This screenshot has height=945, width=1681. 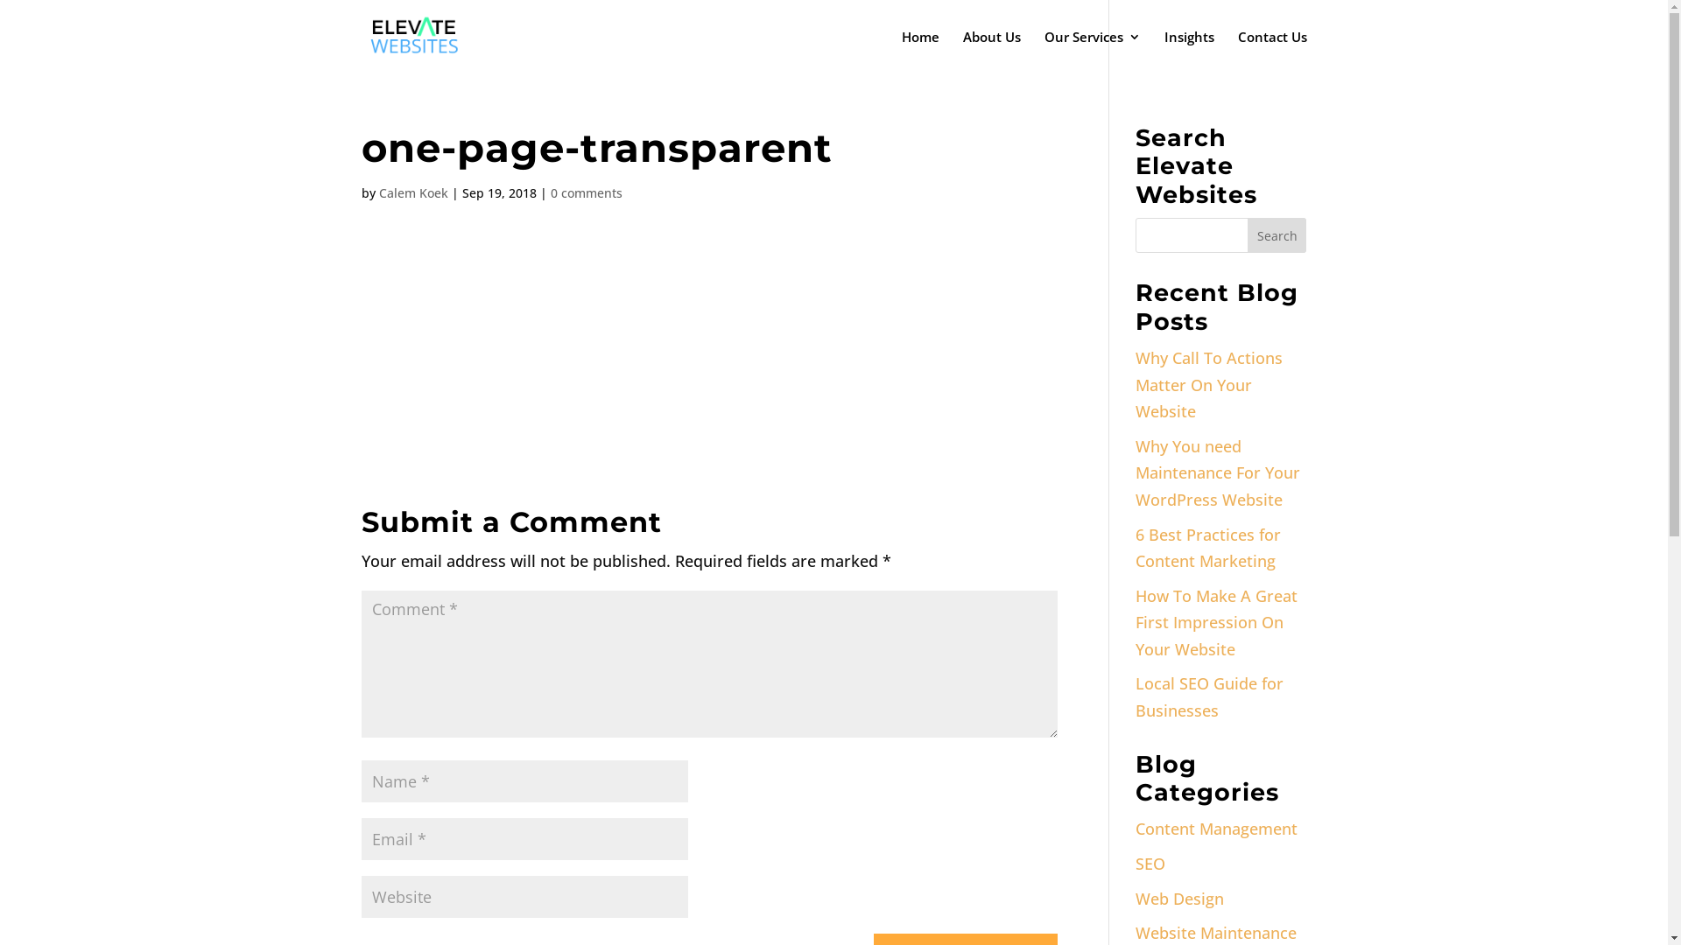 I want to click on 'Why Call To Actions Matter On Your Website', so click(x=1208, y=383).